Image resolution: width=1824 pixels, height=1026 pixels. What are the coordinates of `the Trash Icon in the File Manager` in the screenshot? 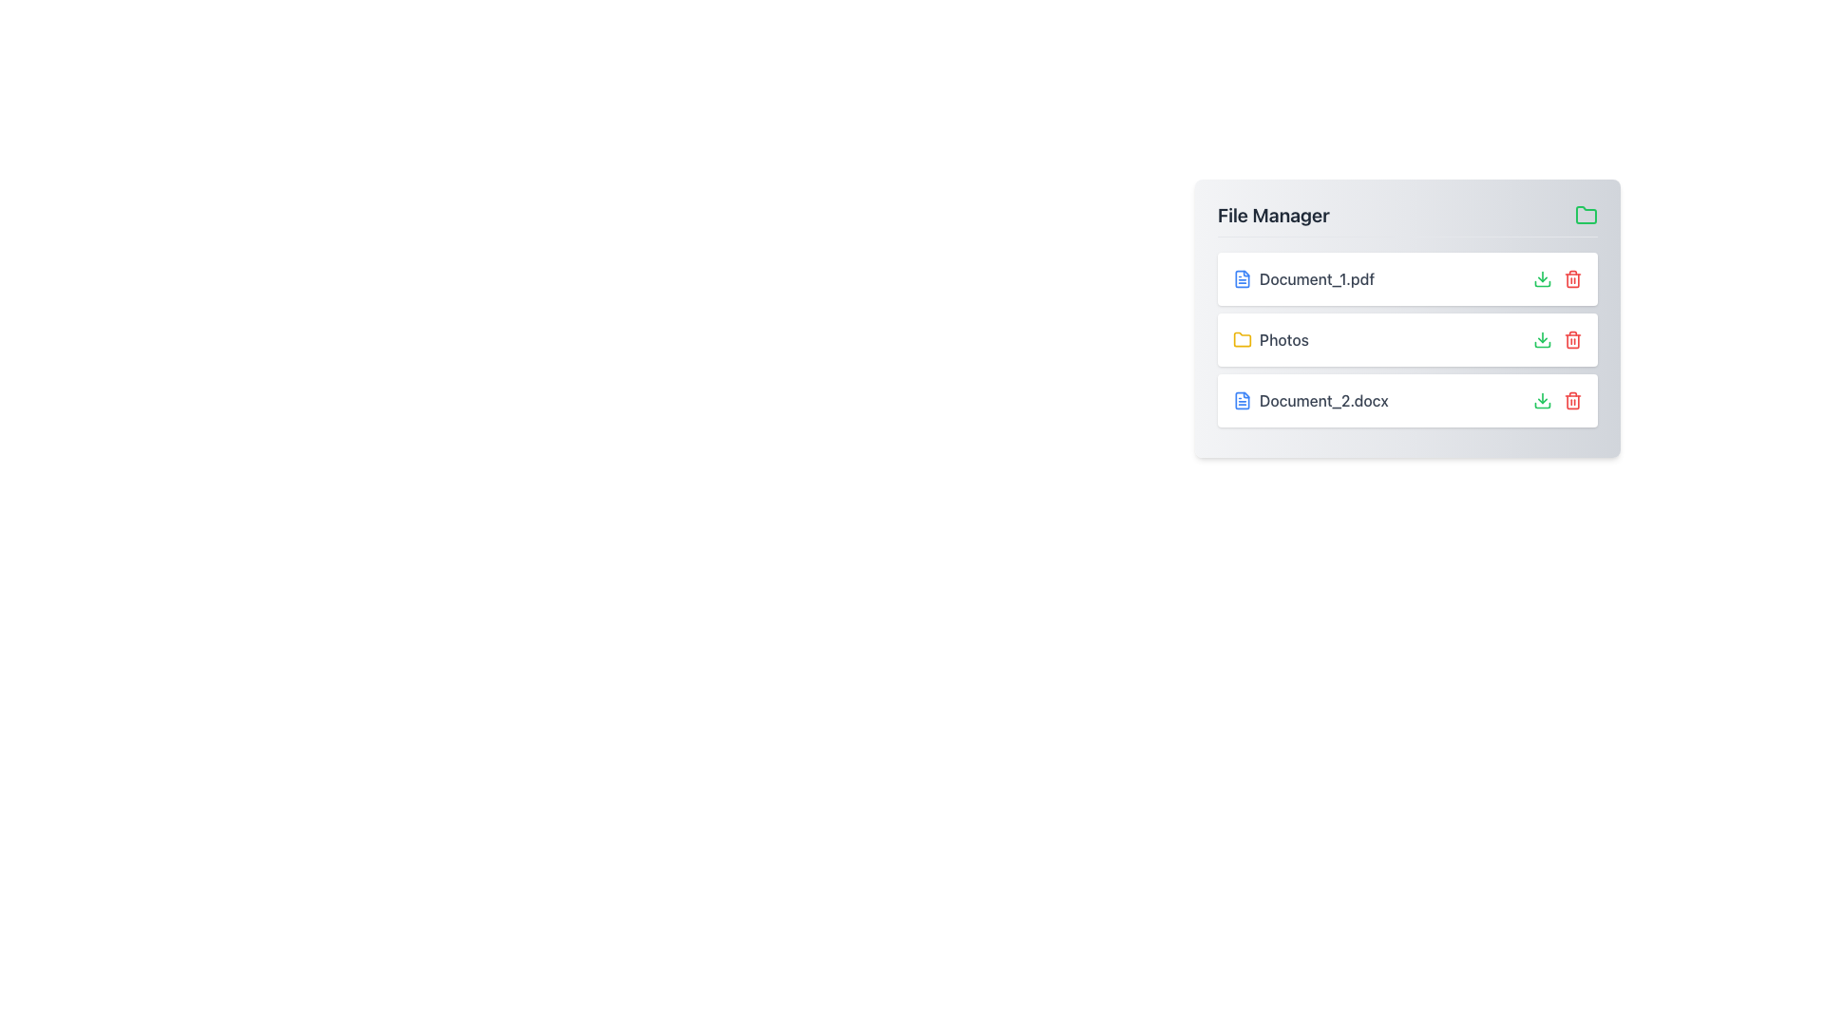 It's located at (1573, 399).